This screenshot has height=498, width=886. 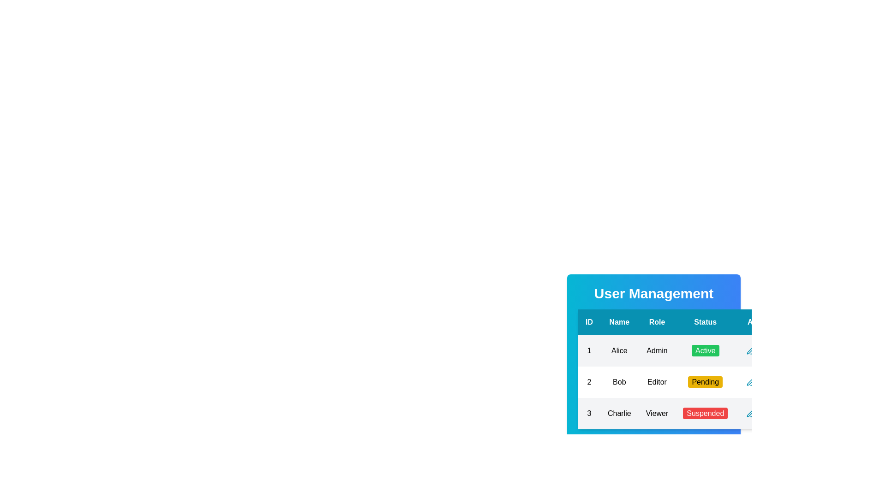 What do you see at coordinates (657, 350) in the screenshot?
I see `text label indicating the role of the user 'Alice', which is 'Admin', located in the third column of the first row under the 'Role' header` at bounding box center [657, 350].